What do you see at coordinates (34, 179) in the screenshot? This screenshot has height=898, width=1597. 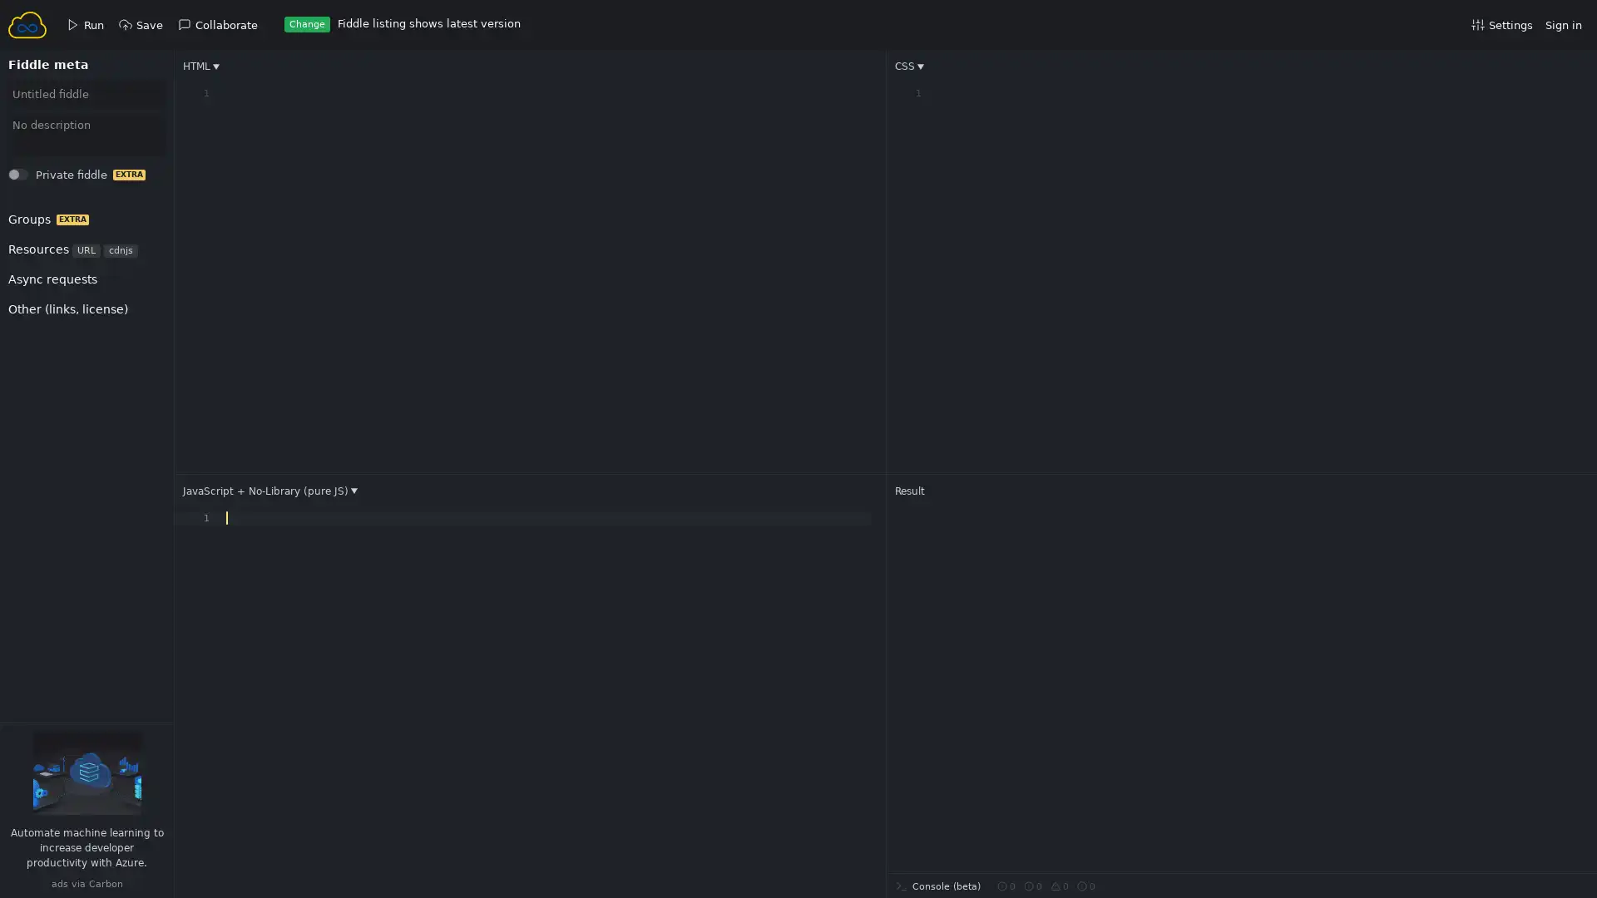 I see `Fork` at bounding box center [34, 179].